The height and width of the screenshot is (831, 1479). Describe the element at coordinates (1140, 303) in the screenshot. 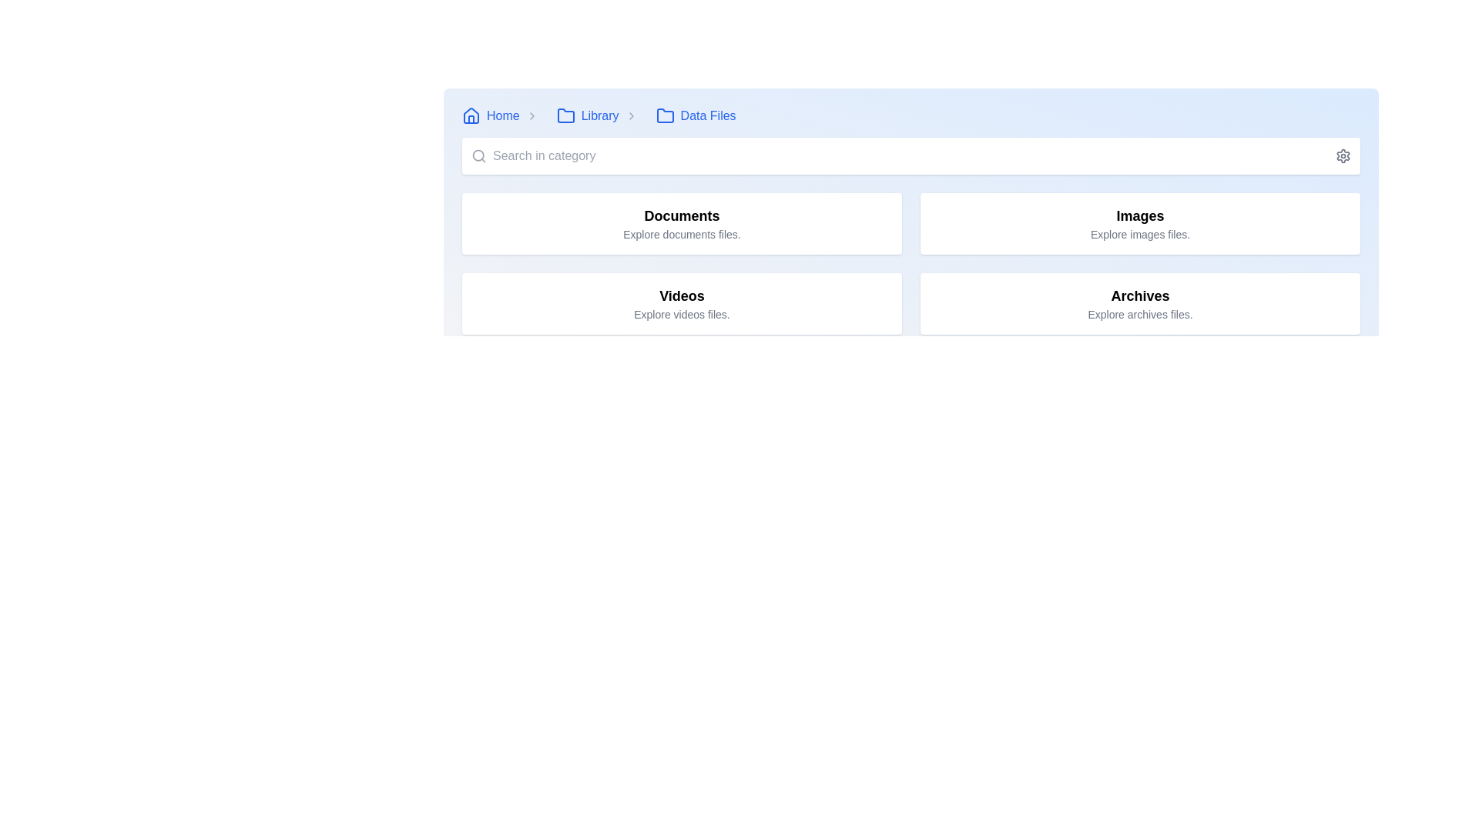

I see `the white rectangular card labeled 'Archives' that contains the text 'Explore archives files.' positioned in the bottom right corner of the grid layout` at that location.